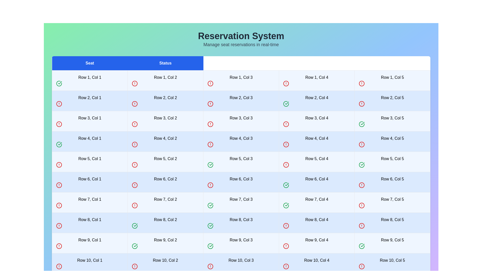 This screenshot has width=481, height=271. I want to click on the header column Seat to sort the table, so click(90, 63).